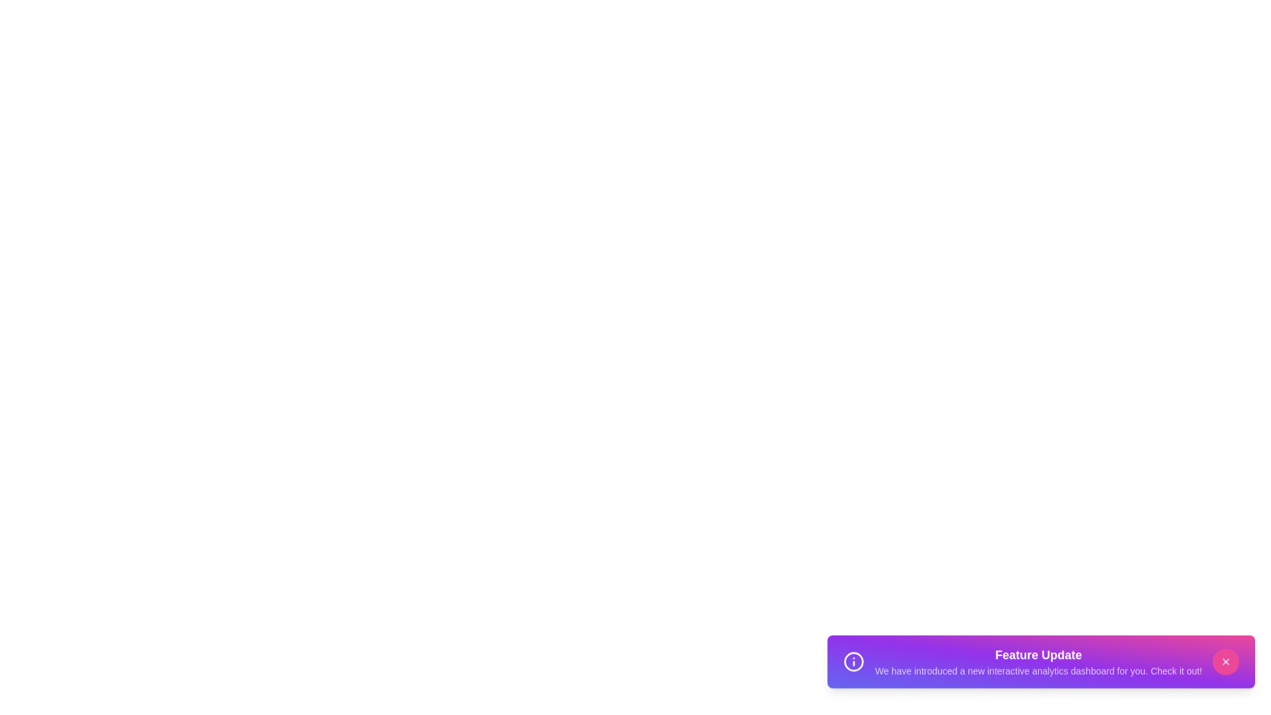  What do you see at coordinates (1225, 668) in the screenshot?
I see `close button on the snackbar to dismiss it` at bounding box center [1225, 668].